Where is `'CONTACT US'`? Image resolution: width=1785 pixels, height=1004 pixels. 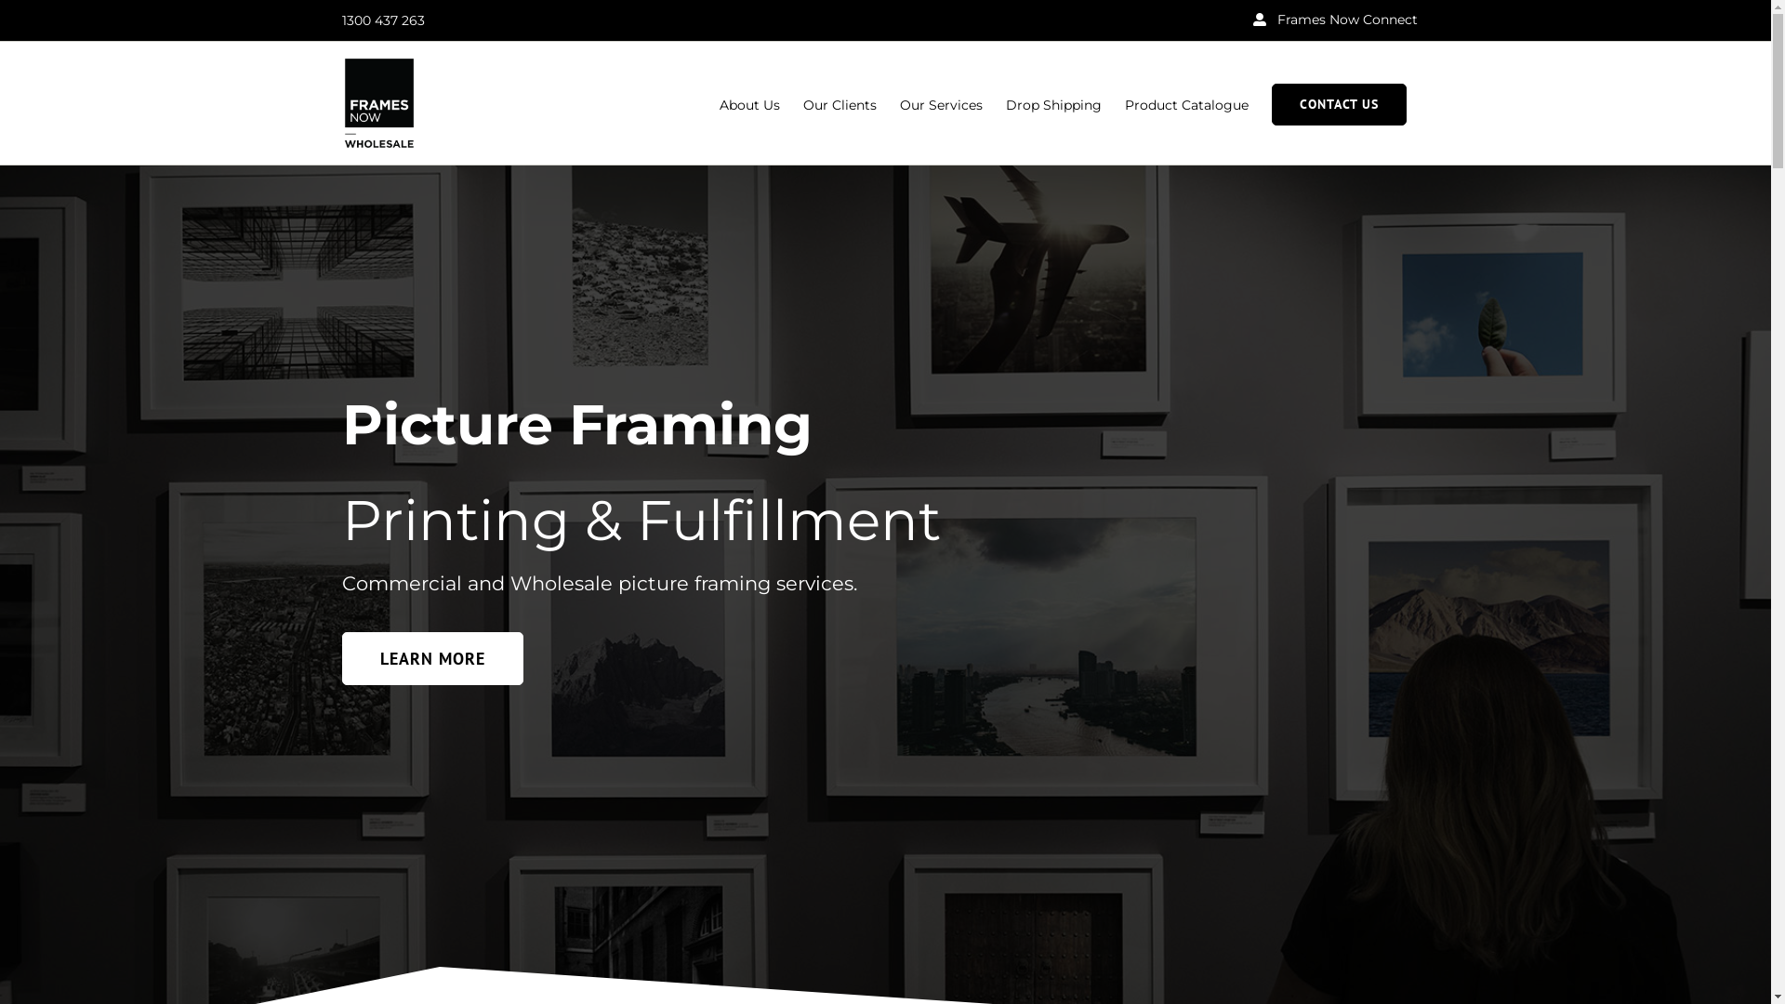
'CONTACT US' is located at coordinates (1339, 103).